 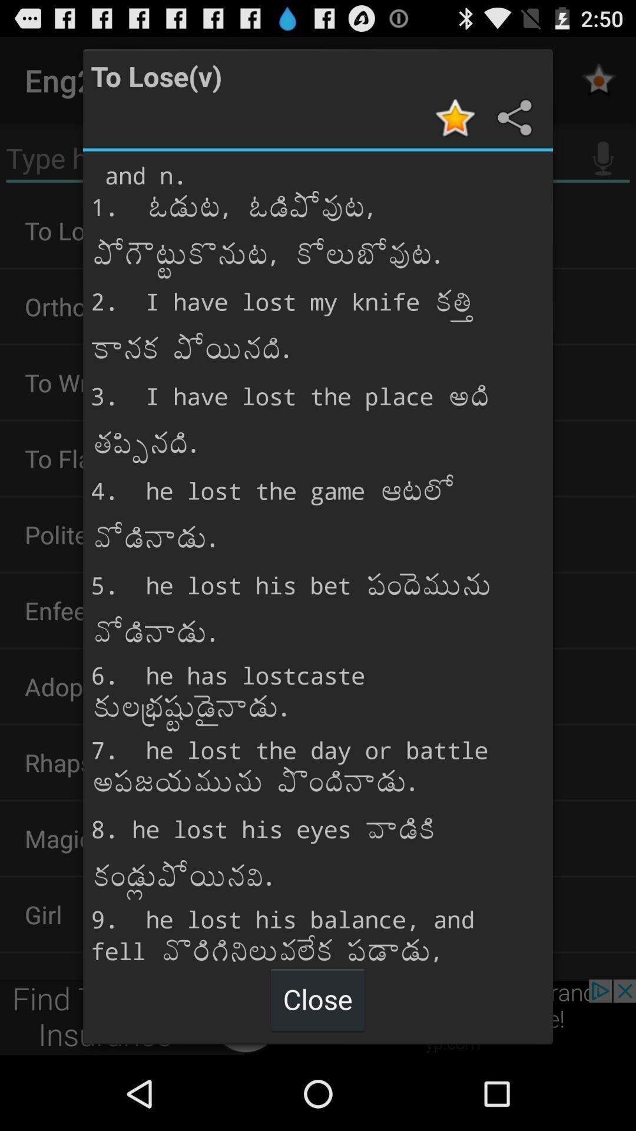 What do you see at coordinates (456, 117) in the screenshot?
I see `the article` at bounding box center [456, 117].